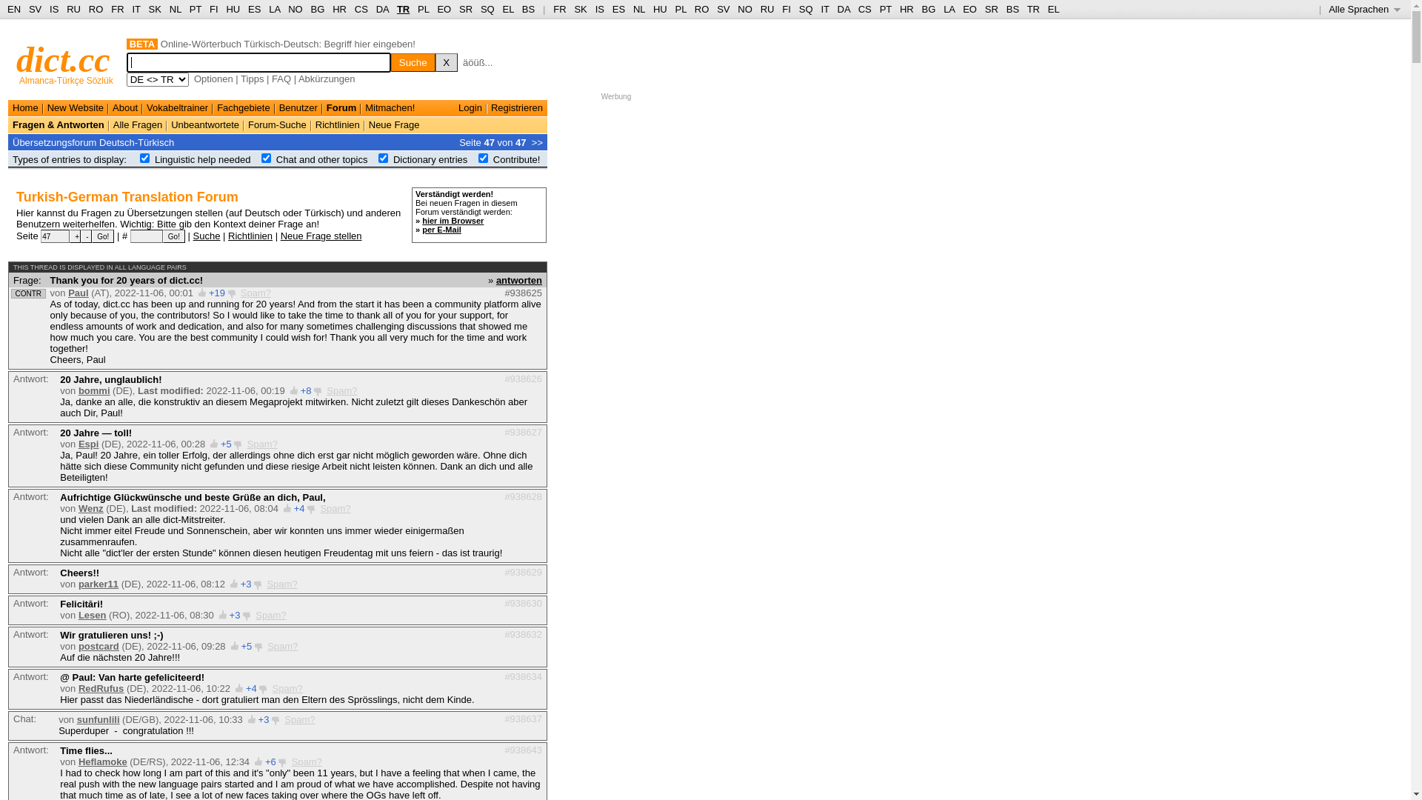  Describe the element at coordinates (317, 9) in the screenshot. I see `'BG'` at that location.